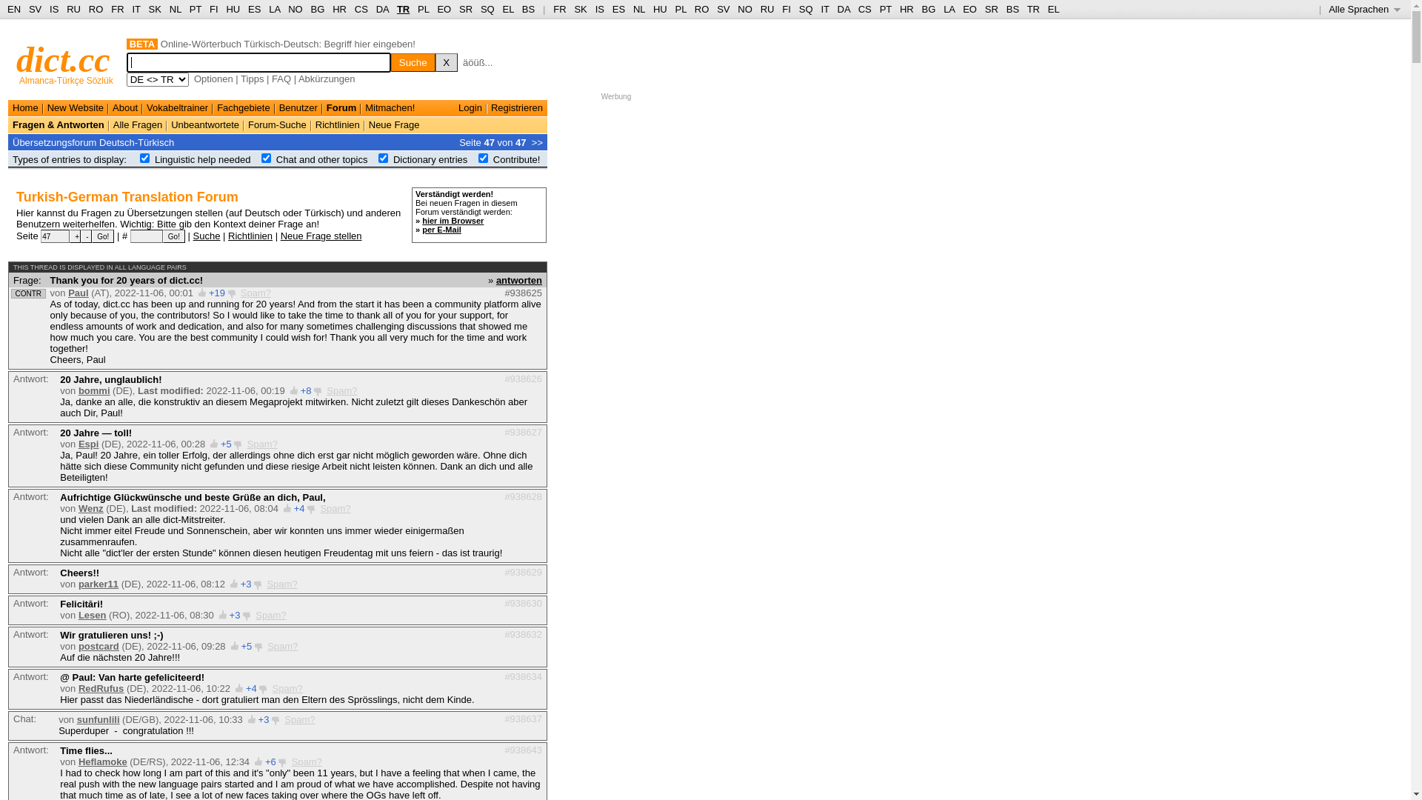  Describe the element at coordinates (317, 9) in the screenshot. I see `'BG'` at that location.